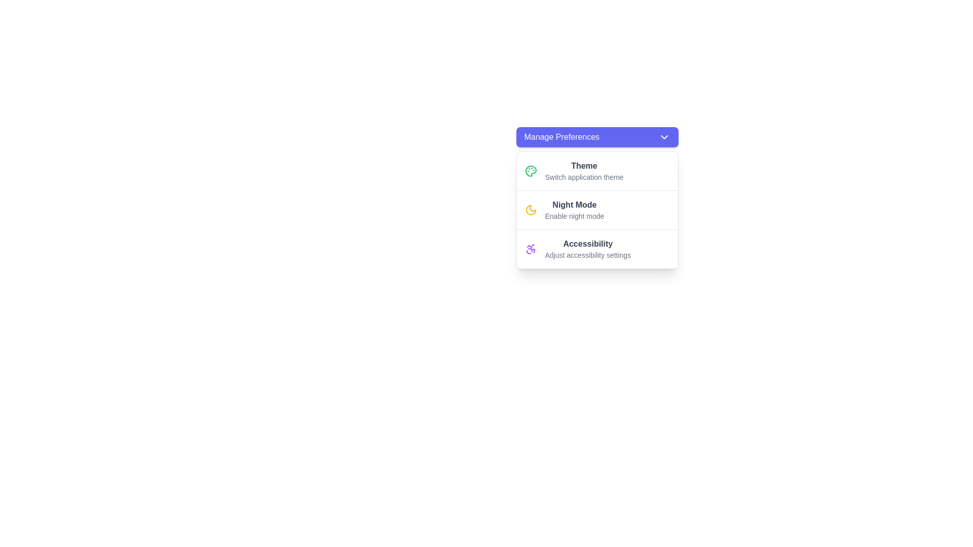  I want to click on the purple accessibility icon with a circular outline and human-like figure located in the lower portion of the dropdown menu, which is the first icon on the line with the text 'Accessibility Adjust accessibility settings', so click(530, 249).